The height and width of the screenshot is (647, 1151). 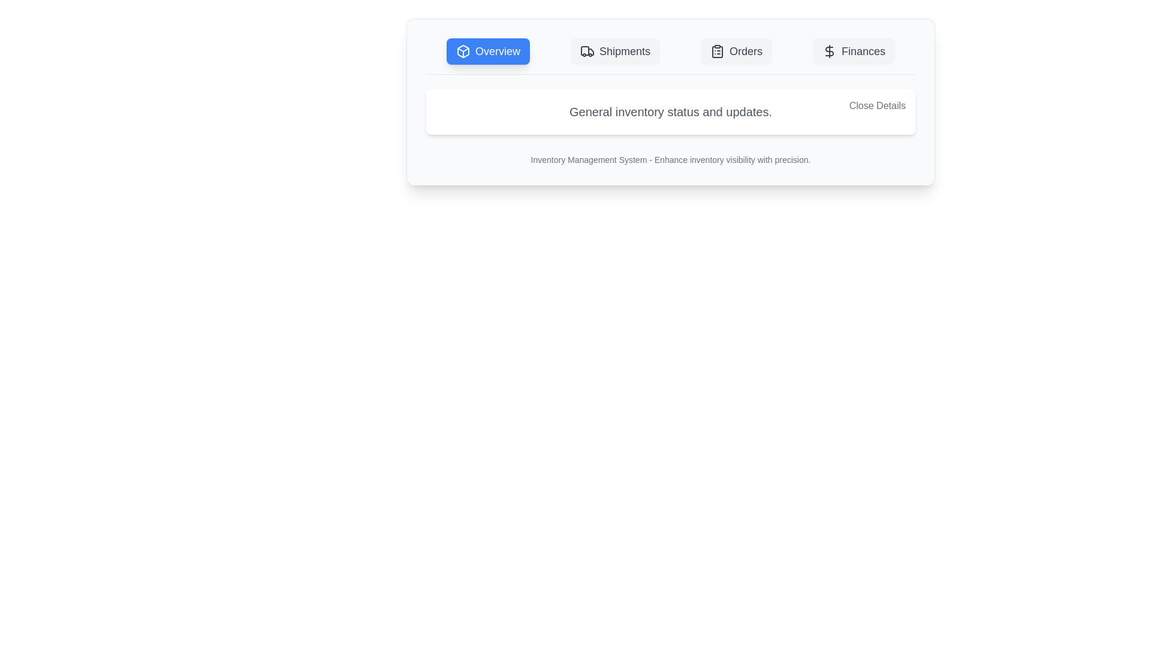 What do you see at coordinates (615, 50) in the screenshot?
I see `the tab labeled Shipments to switch the content view` at bounding box center [615, 50].